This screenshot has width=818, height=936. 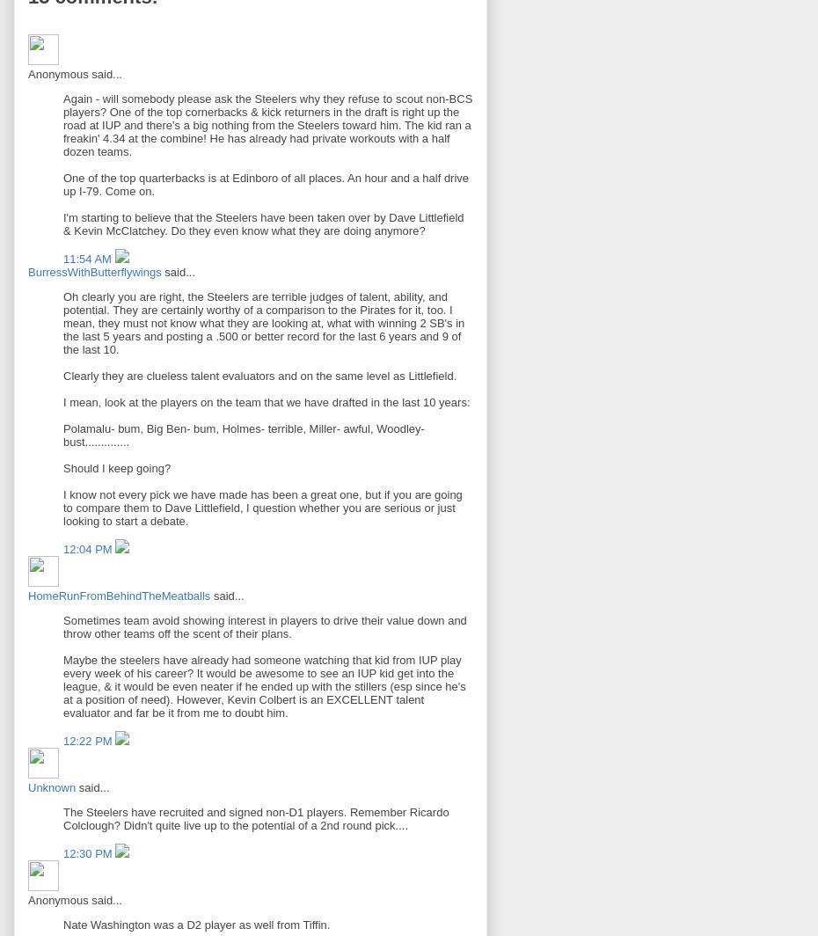 I want to click on 'One of the top quarterbacks is at Edinboro of all places. An hour and a half drive up I-79. Come on.', so click(x=266, y=185).